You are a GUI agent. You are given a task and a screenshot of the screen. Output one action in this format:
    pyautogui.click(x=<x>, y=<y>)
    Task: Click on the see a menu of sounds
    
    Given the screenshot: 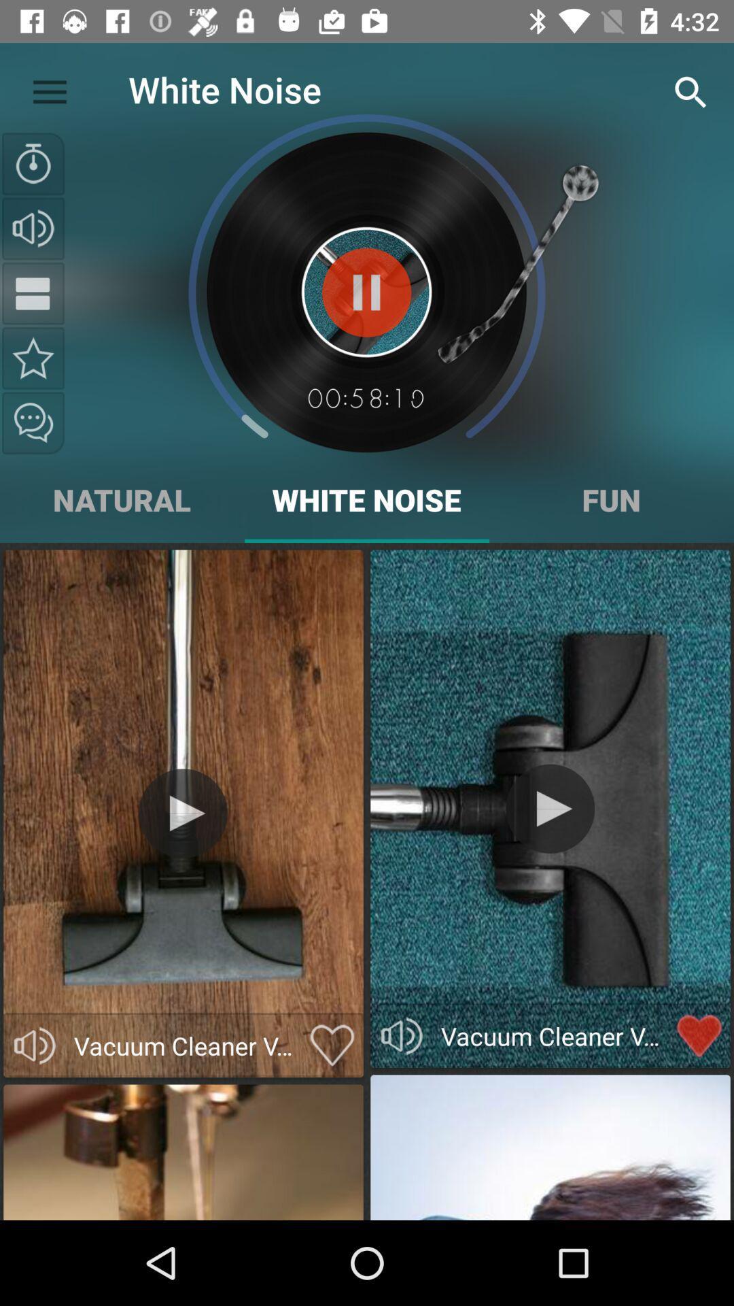 What is the action you would take?
    pyautogui.click(x=33, y=292)
    